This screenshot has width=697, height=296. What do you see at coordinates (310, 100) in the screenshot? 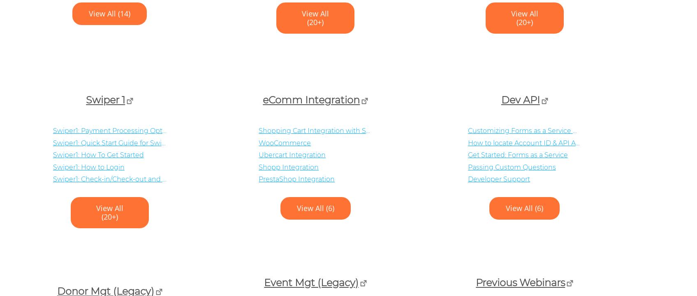
I see `'eComm Integration'` at bounding box center [310, 100].